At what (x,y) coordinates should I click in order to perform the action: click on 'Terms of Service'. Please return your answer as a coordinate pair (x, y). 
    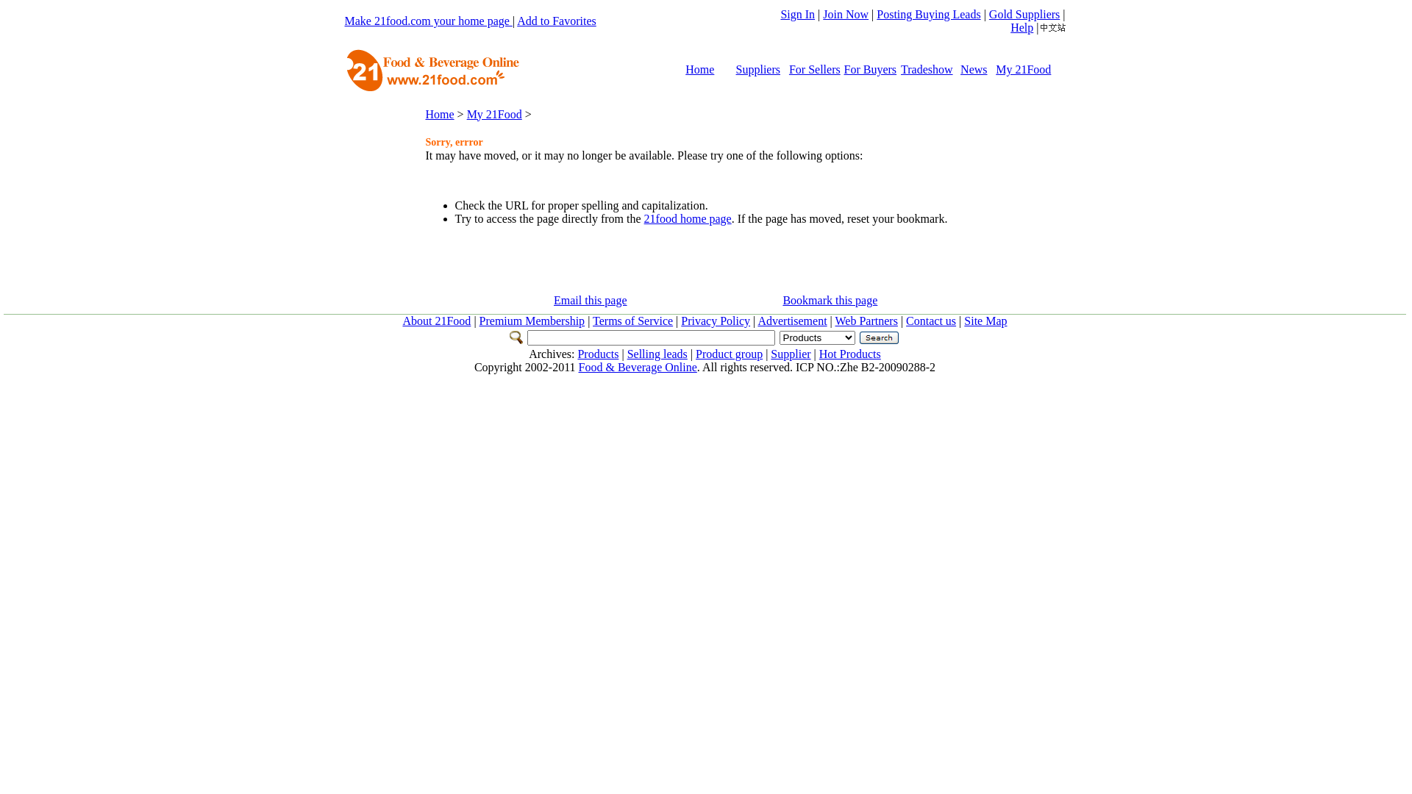
    Looking at the image, I should click on (632, 320).